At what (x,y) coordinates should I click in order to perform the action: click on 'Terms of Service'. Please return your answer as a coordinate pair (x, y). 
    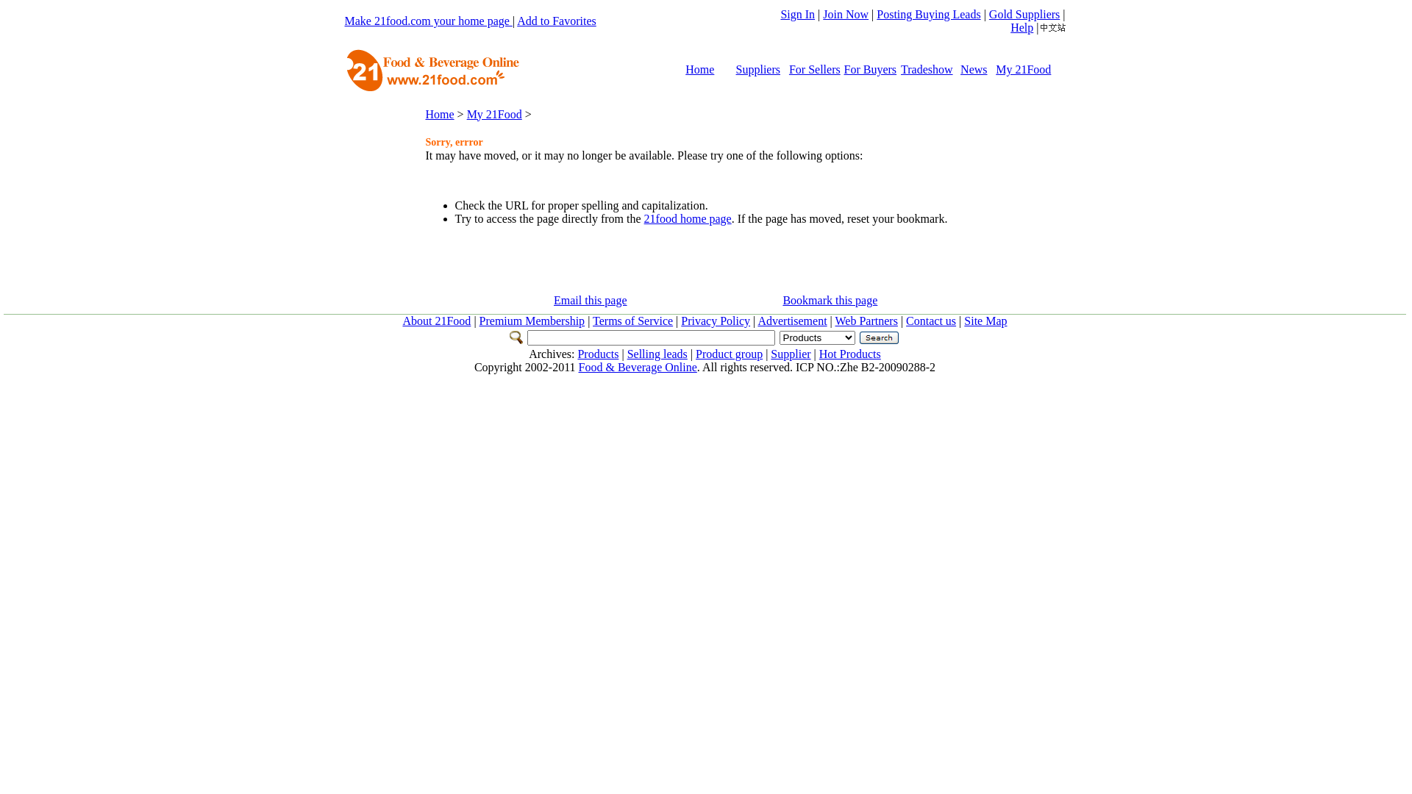
    Looking at the image, I should click on (632, 320).